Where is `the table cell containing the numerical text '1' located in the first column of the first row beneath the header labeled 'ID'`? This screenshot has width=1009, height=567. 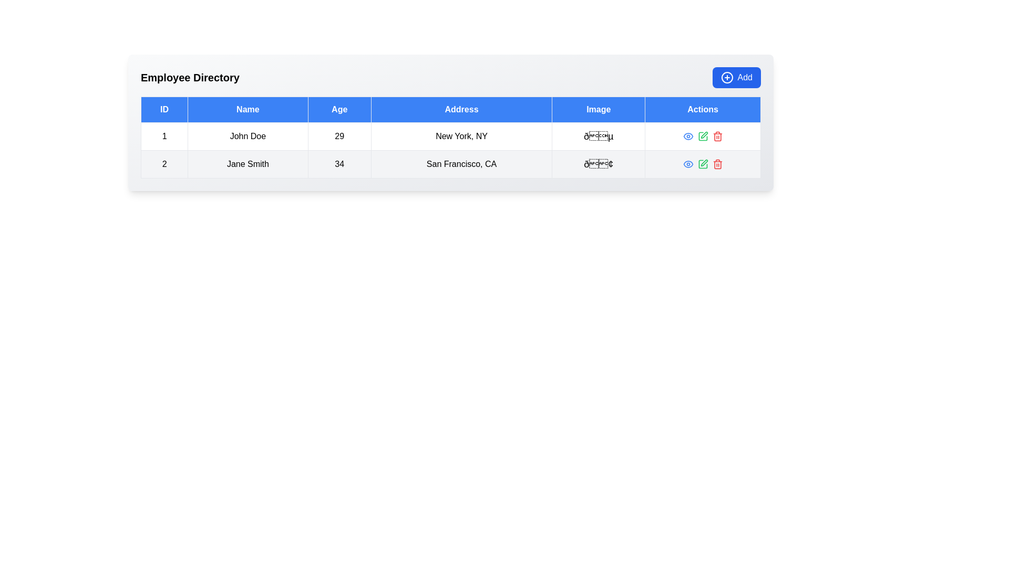 the table cell containing the numerical text '1' located in the first column of the first row beneath the header labeled 'ID' is located at coordinates (164, 135).